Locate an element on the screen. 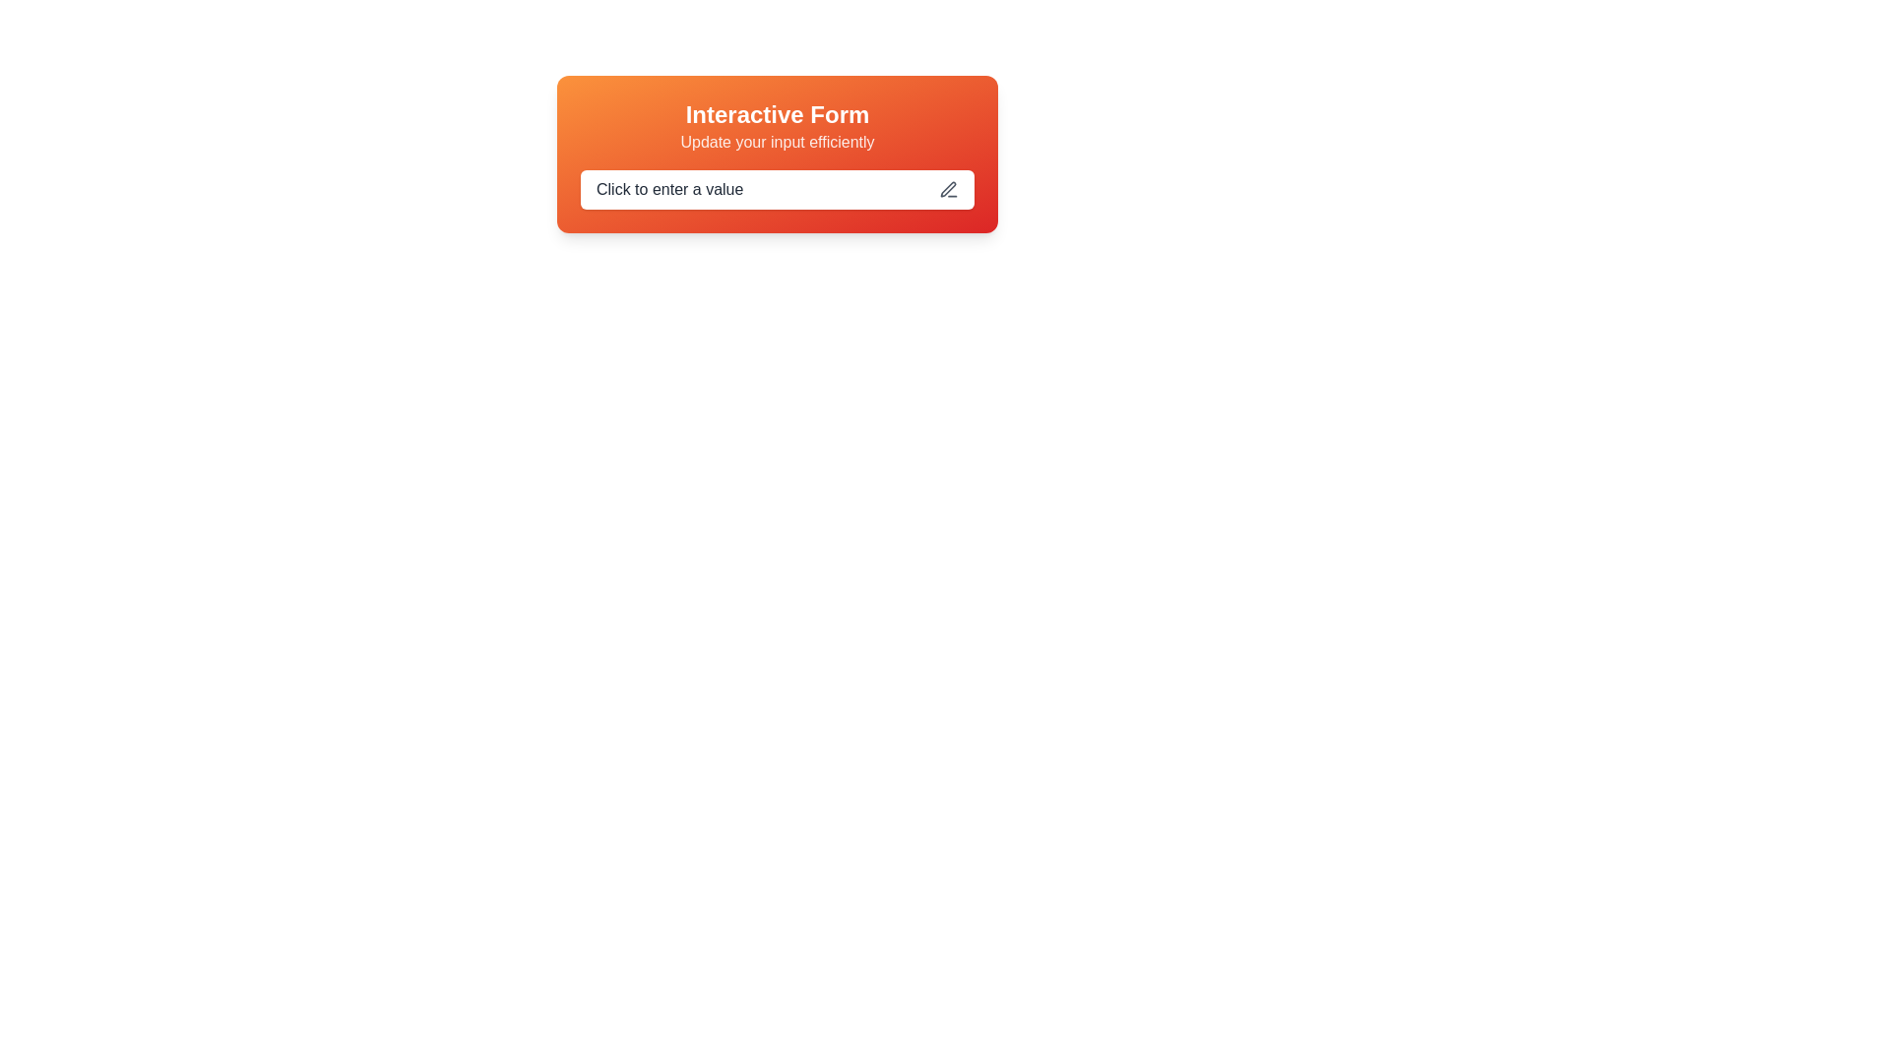 This screenshot has width=1890, height=1063. the text label that says 'Update your input efficiently', which is styled with an orange gradient background and located below the 'Interactive Form' title is located at coordinates (777, 142).